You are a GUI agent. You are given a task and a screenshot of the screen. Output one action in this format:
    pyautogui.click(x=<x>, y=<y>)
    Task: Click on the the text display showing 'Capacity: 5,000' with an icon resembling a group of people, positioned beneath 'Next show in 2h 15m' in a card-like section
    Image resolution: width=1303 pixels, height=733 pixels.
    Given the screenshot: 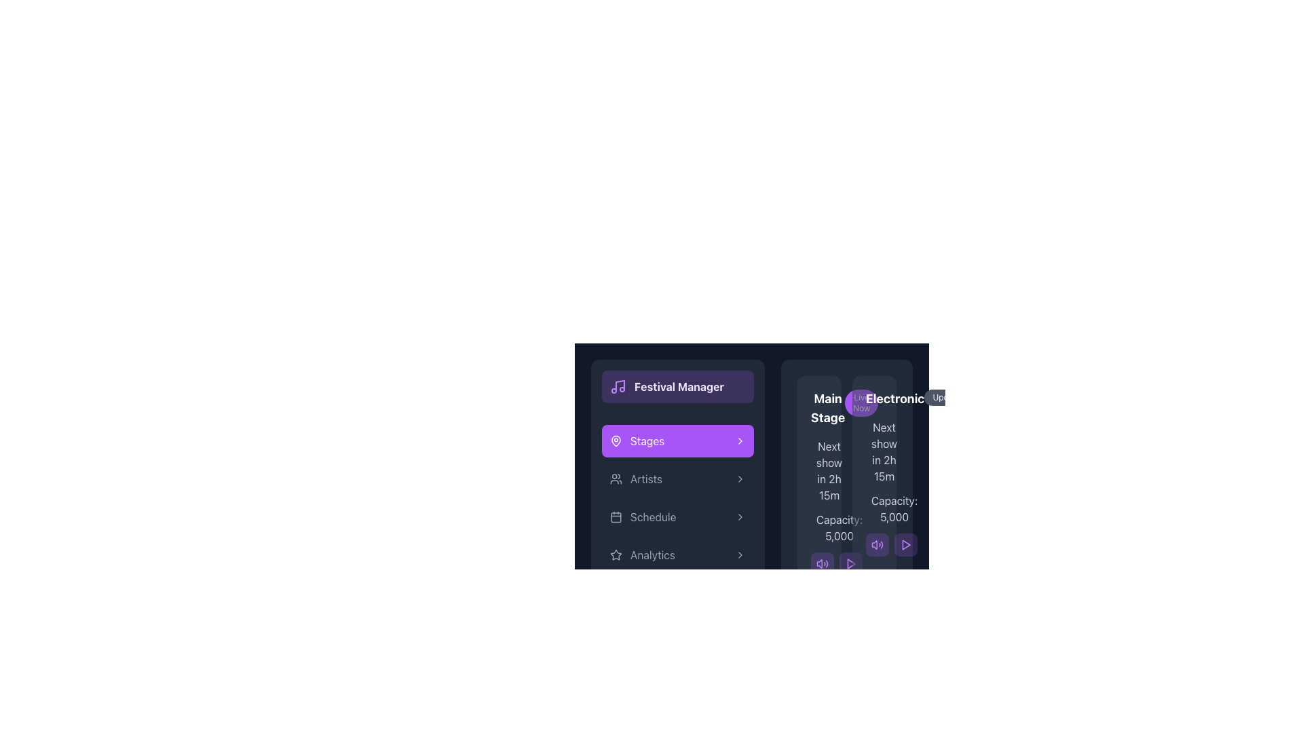 What is the action you would take?
    pyautogui.click(x=818, y=527)
    